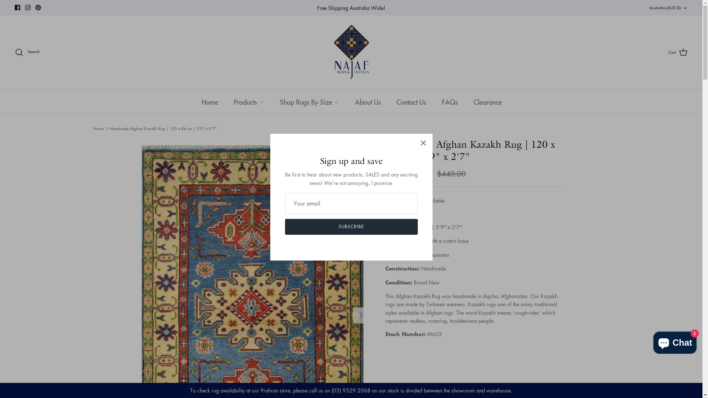 The width and height of the screenshot is (708, 398). Describe the element at coordinates (271, 101) in the screenshot. I see `'Shop Rugs By Size'` at that location.